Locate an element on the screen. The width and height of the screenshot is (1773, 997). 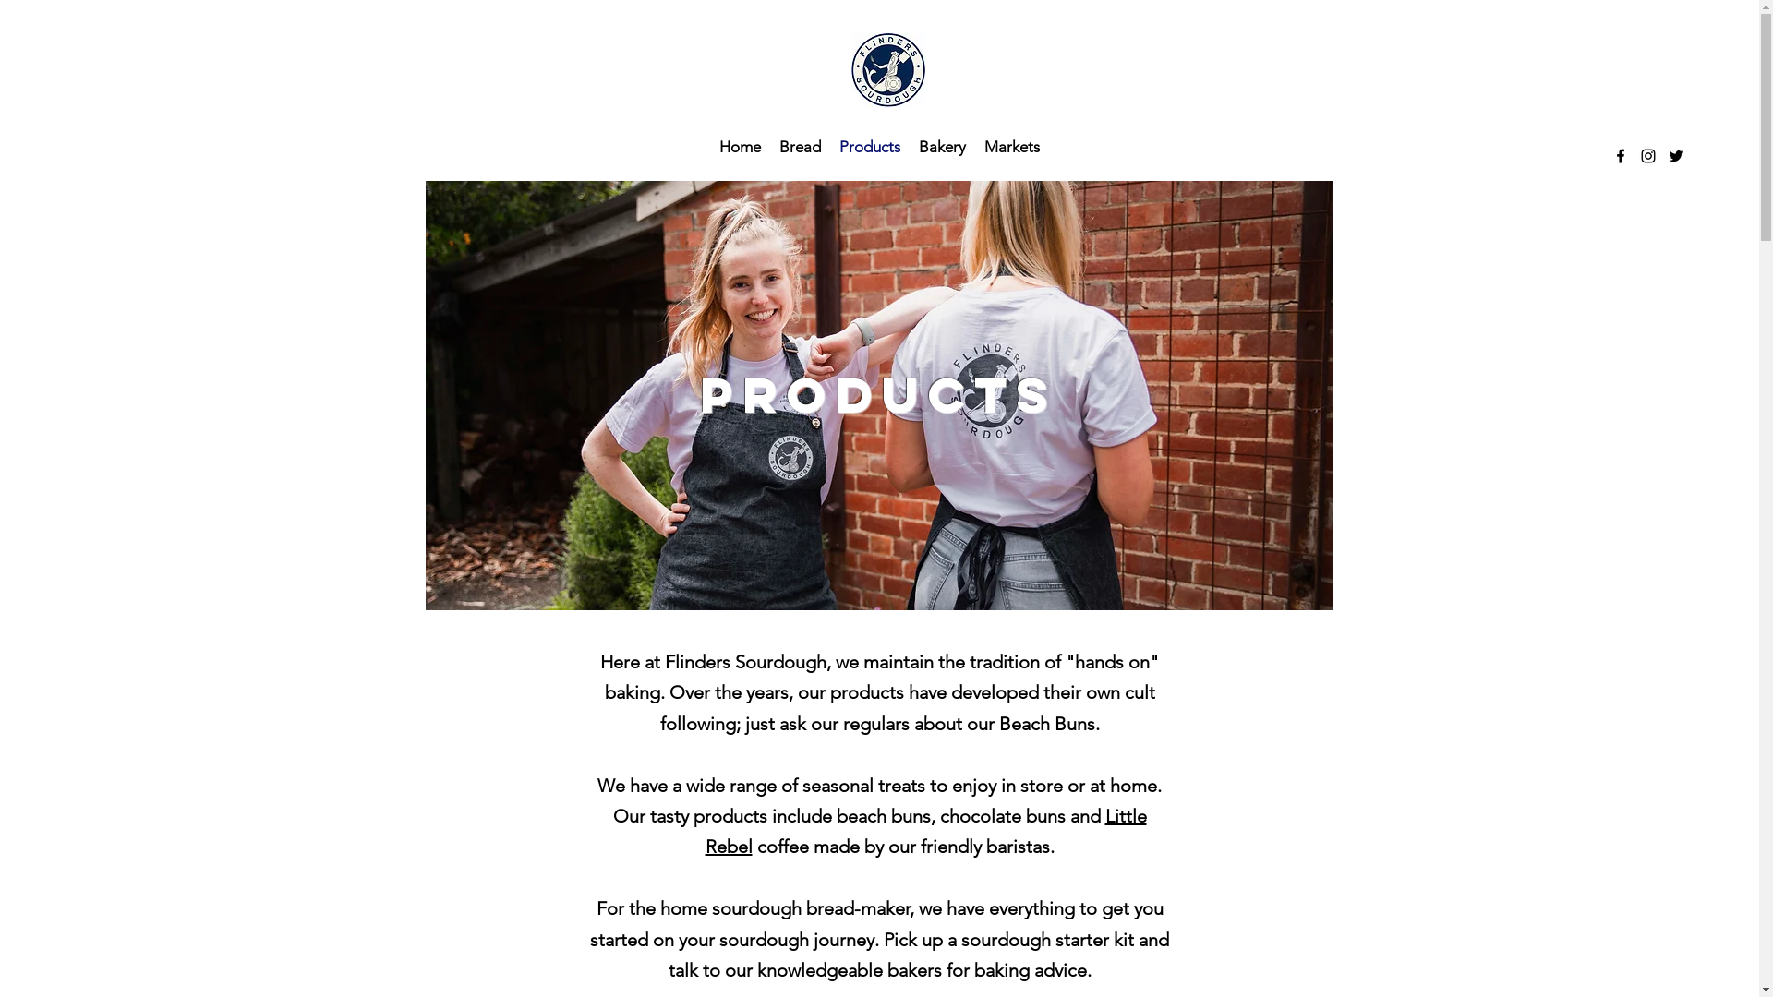
'Little Rebel' is located at coordinates (926, 831).